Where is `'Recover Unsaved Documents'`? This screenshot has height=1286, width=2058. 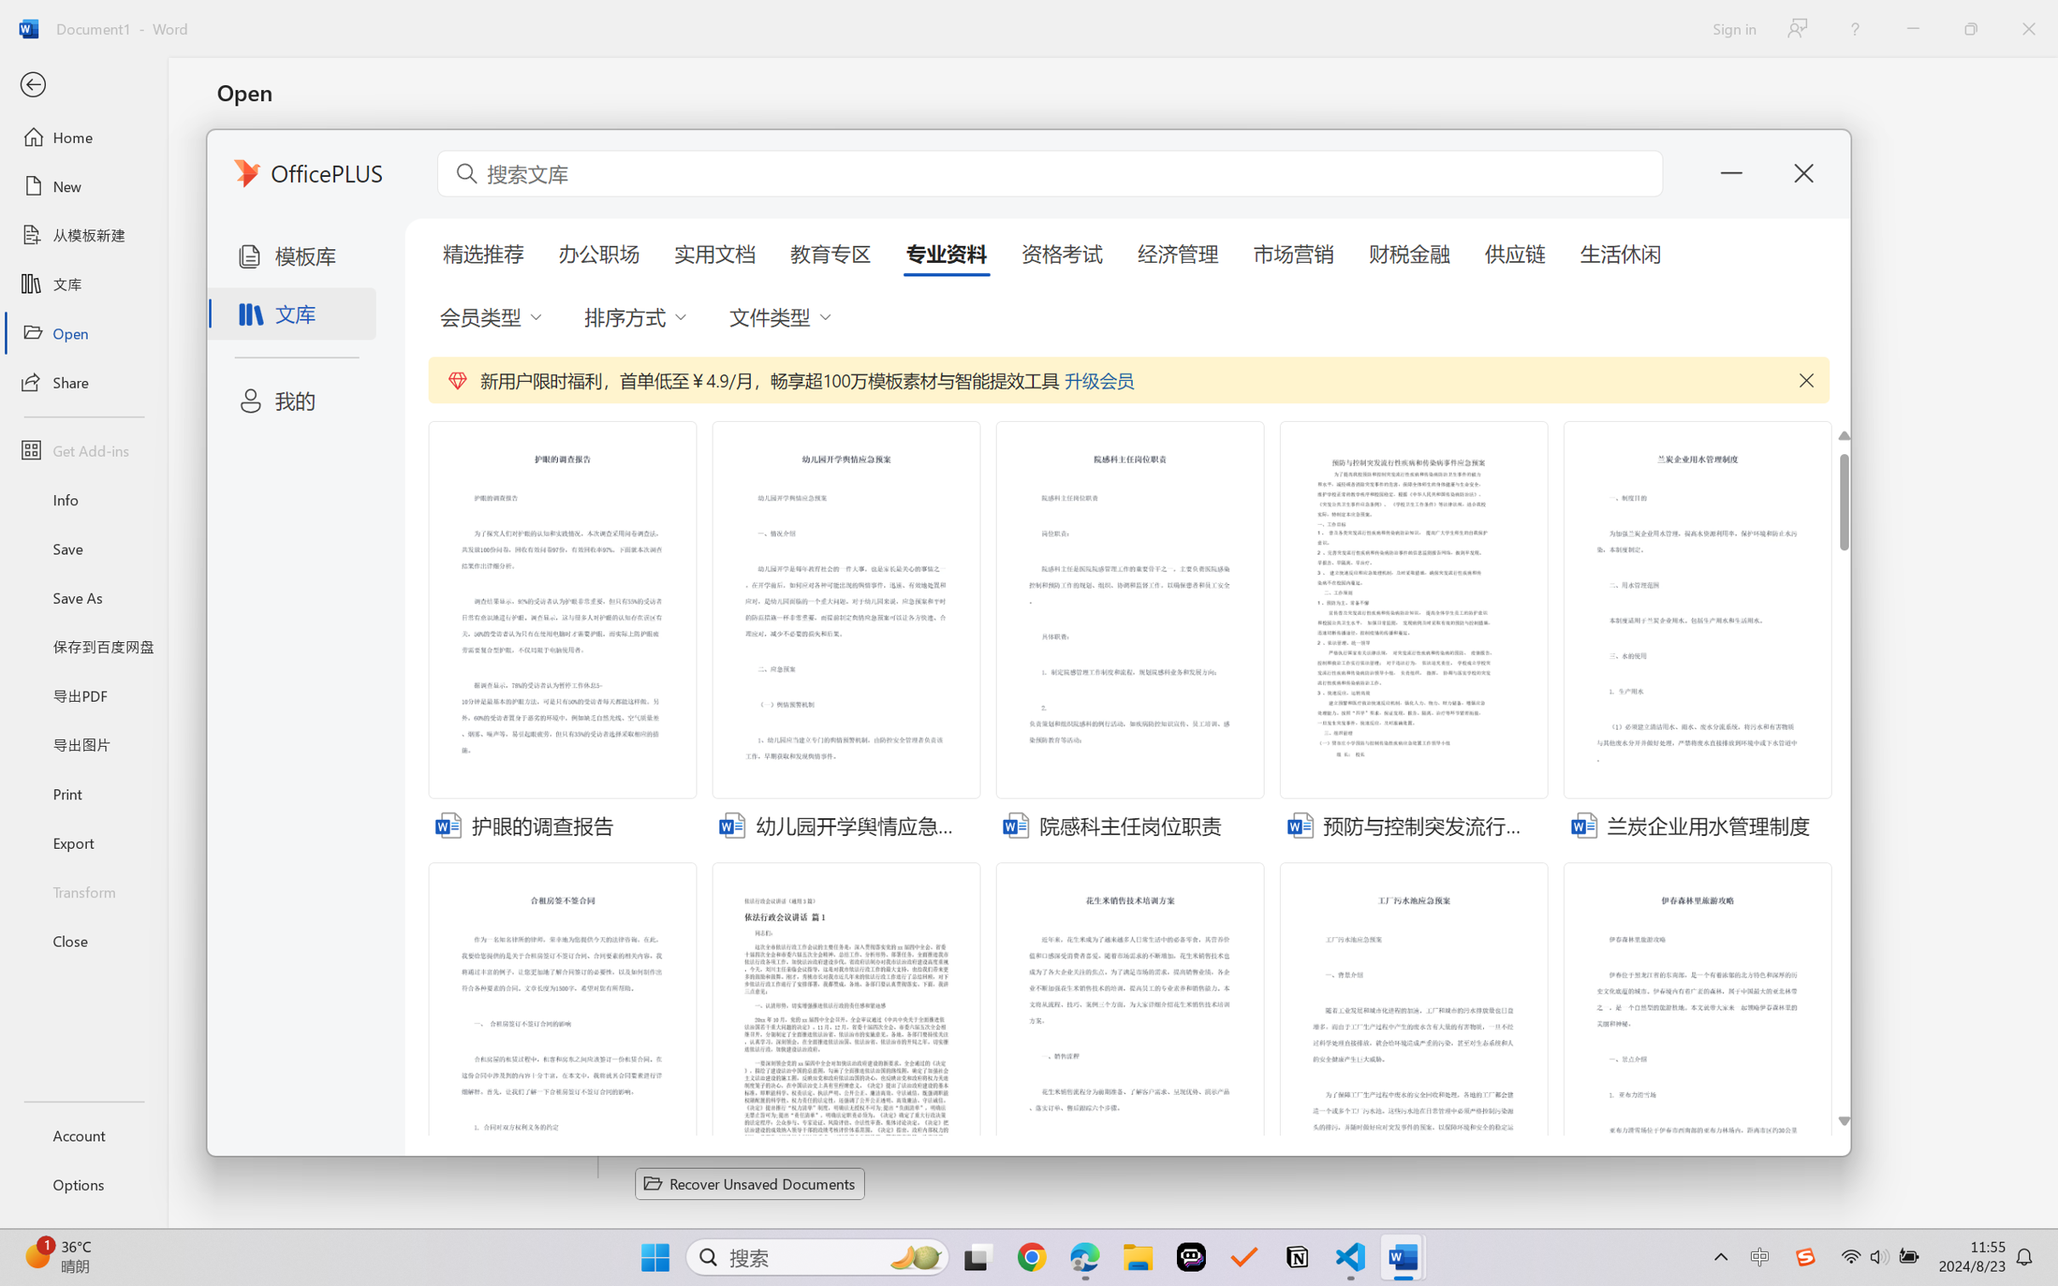
'Recover Unsaved Documents' is located at coordinates (750, 1183).